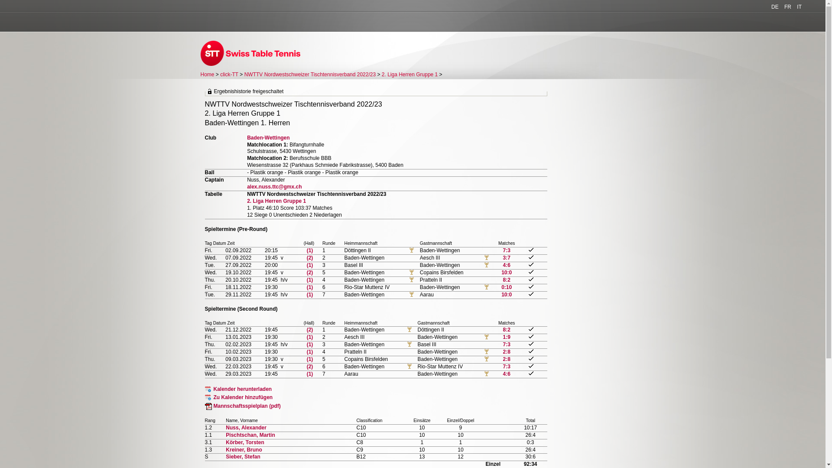 The width and height of the screenshot is (832, 468). I want to click on '2:8', so click(507, 352).